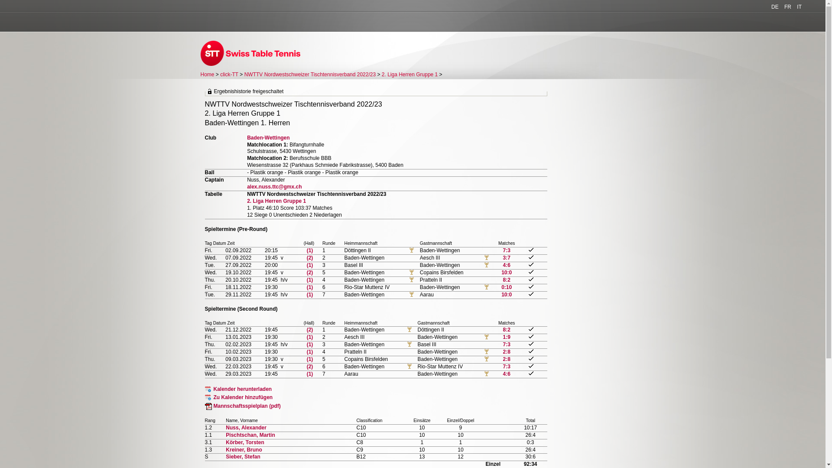 The width and height of the screenshot is (832, 468). I want to click on '2:8', so click(507, 352).